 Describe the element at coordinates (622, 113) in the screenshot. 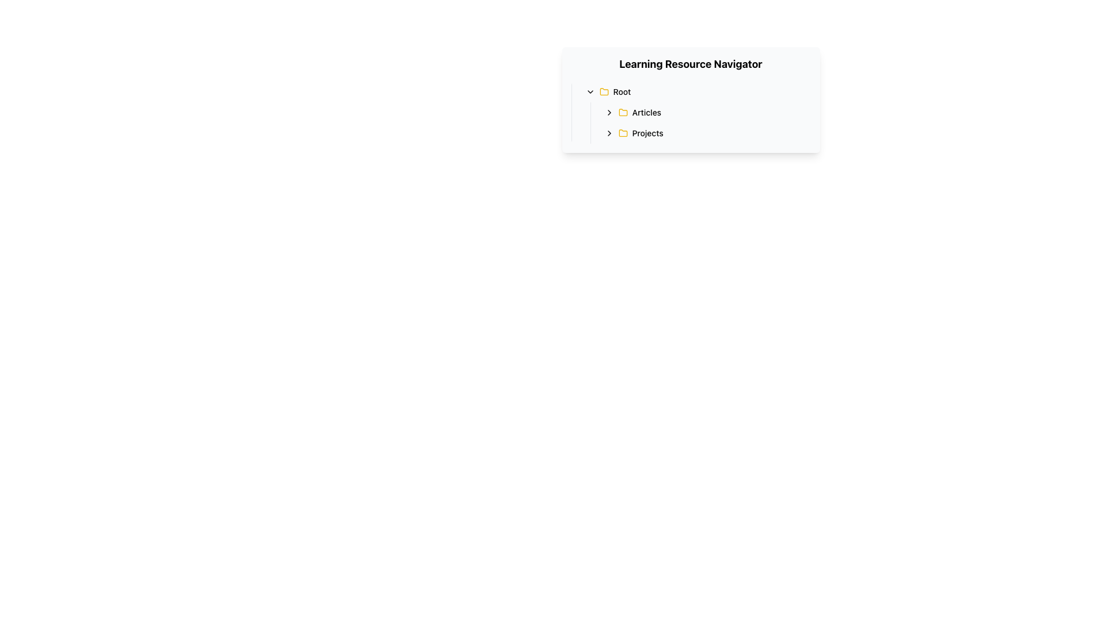

I see `the yellow folder icon located next to the text 'Articles' in the navigation menu` at that location.